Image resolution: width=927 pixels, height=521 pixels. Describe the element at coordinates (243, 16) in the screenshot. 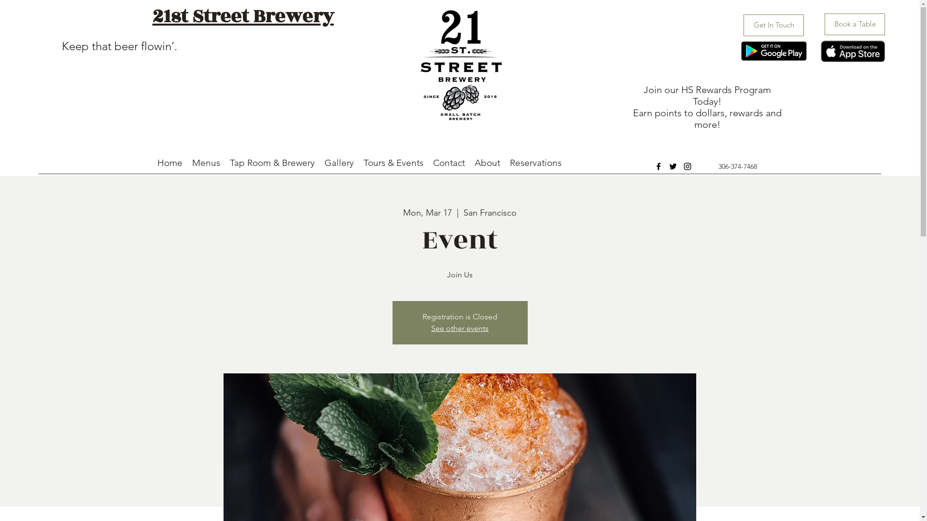

I see `'21st Street Brewery'` at that location.